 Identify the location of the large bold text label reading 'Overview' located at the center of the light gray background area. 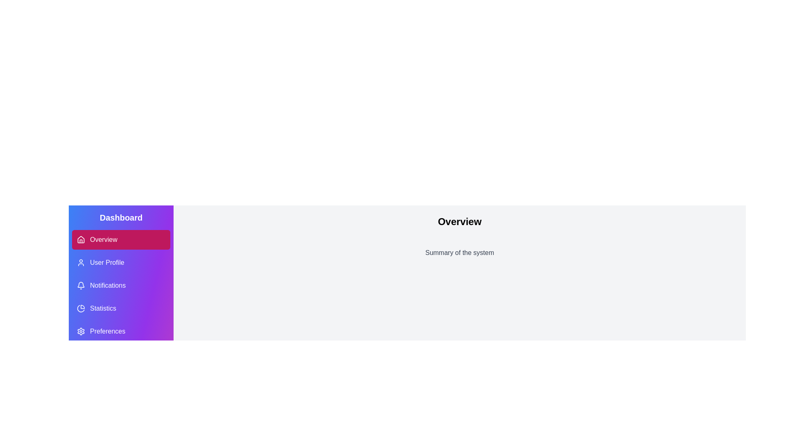
(460, 222).